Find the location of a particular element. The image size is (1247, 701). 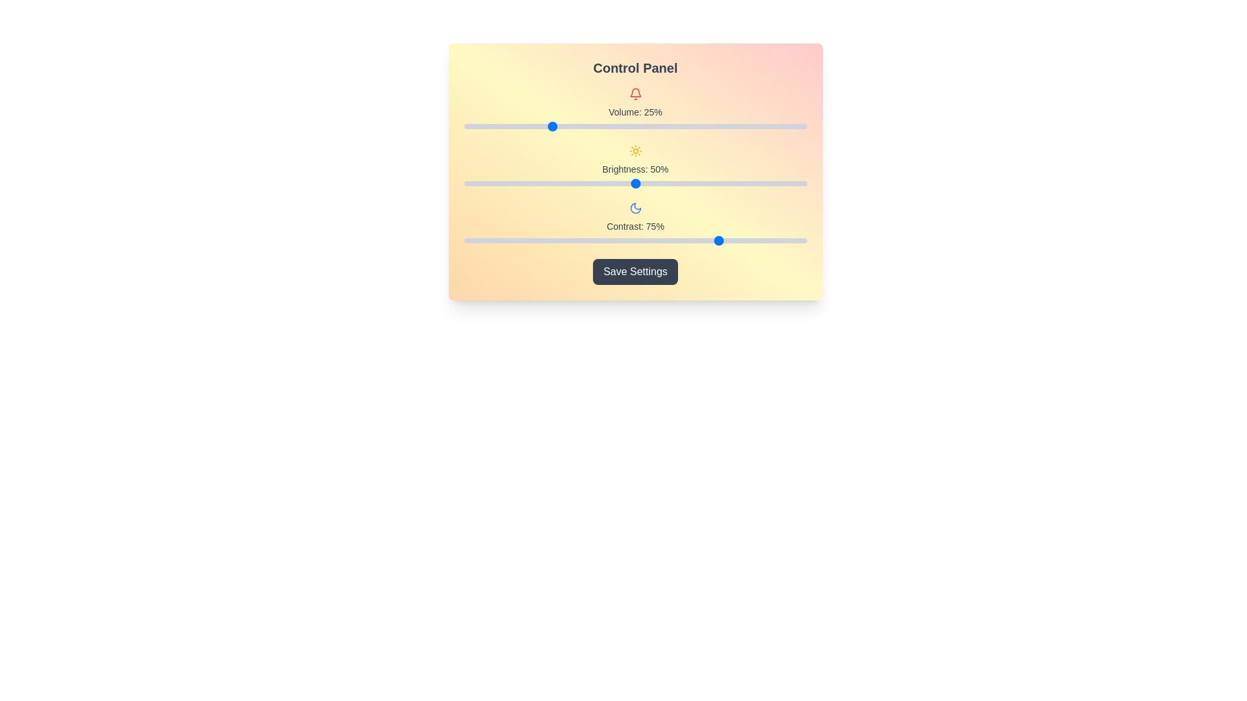

contrast is located at coordinates (586, 240).